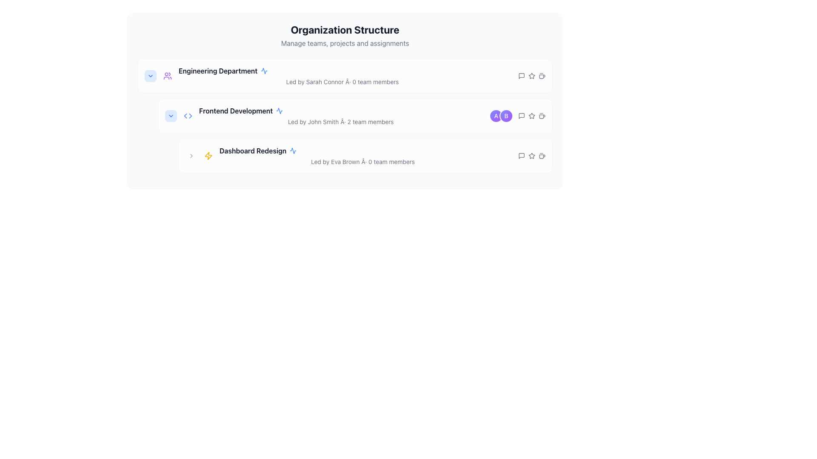  Describe the element at coordinates (345, 29) in the screenshot. I see `header text element displaying 'Organization Structure', which is a bold and large-sized title positioned at the top of the section` at that location.